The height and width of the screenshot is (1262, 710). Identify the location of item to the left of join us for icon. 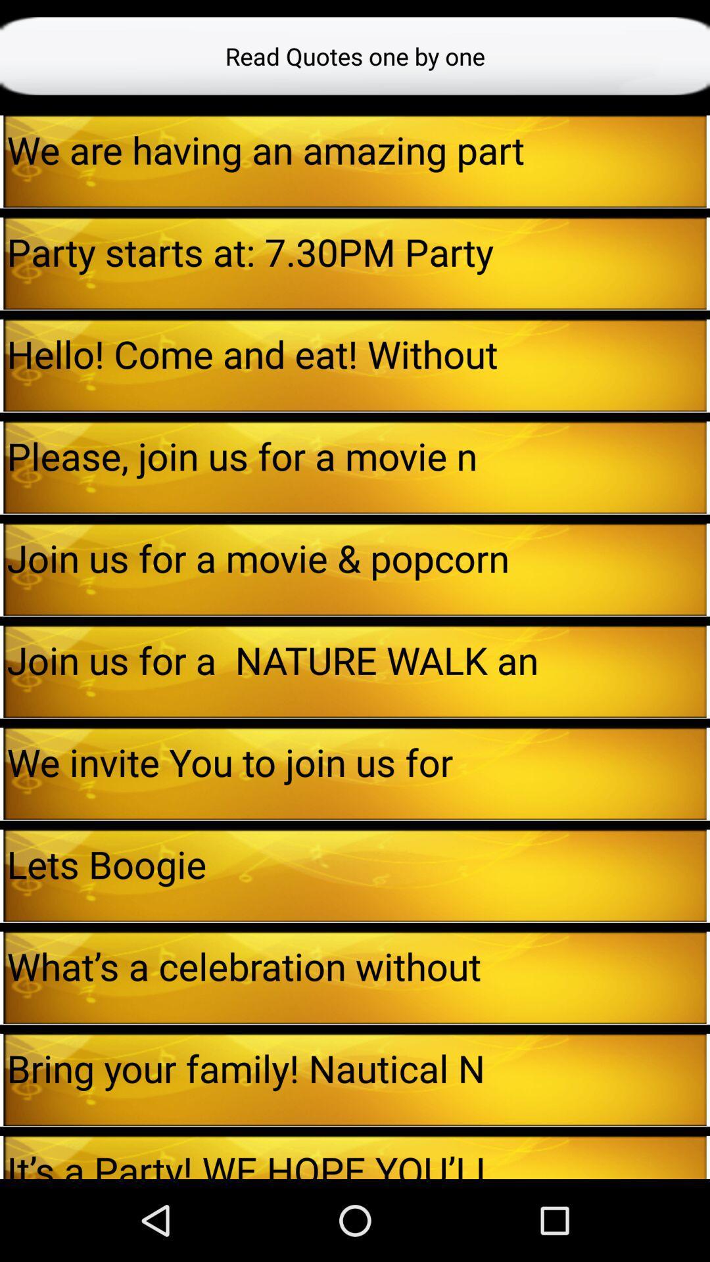
(1, 671).